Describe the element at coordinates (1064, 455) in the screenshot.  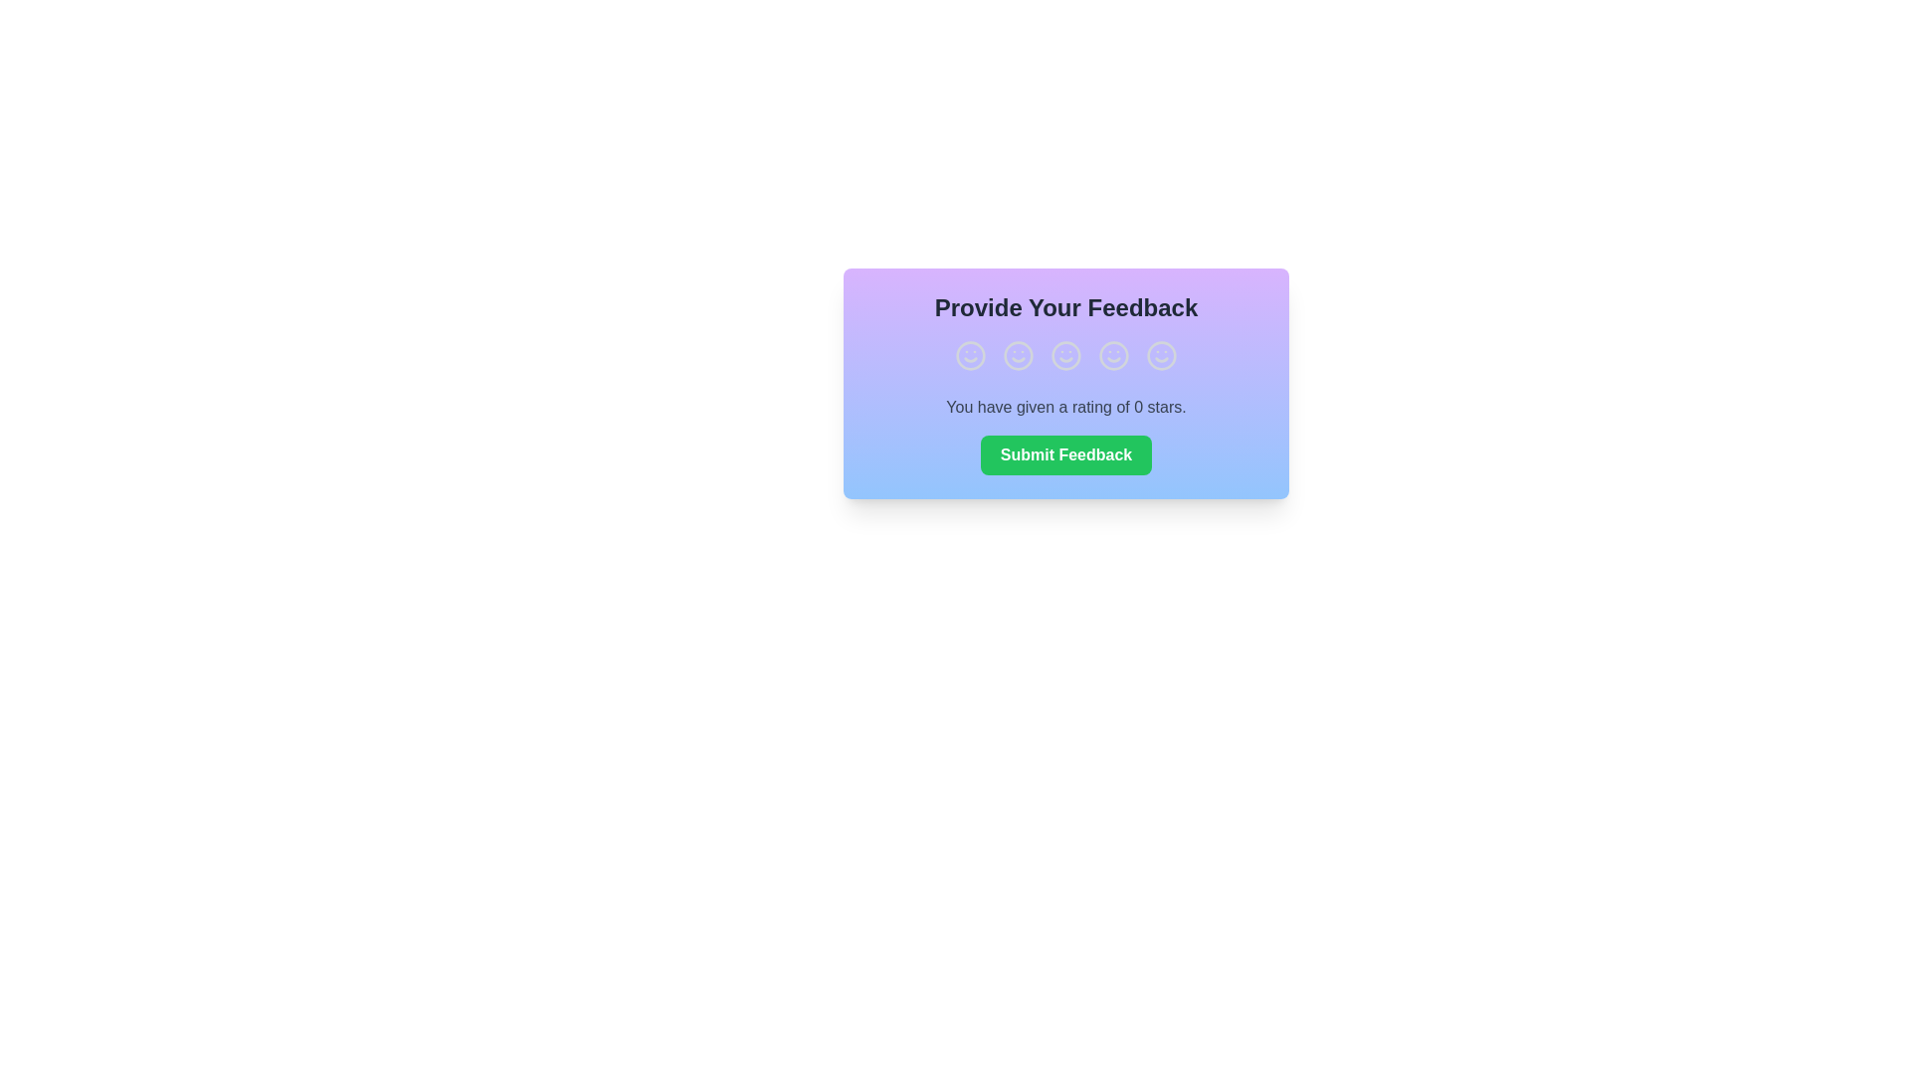
I see `the 'Submit Feedback' button` at that location.